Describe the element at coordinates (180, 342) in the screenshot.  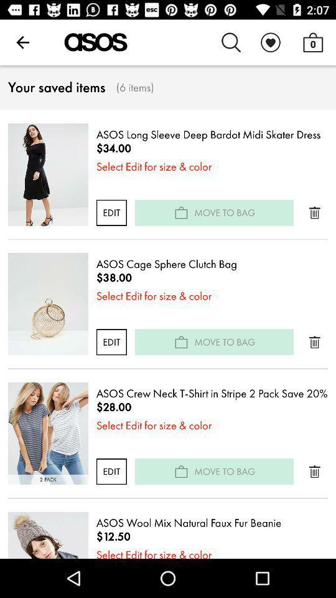
I see `the icon which is left of move to bag` at that location.